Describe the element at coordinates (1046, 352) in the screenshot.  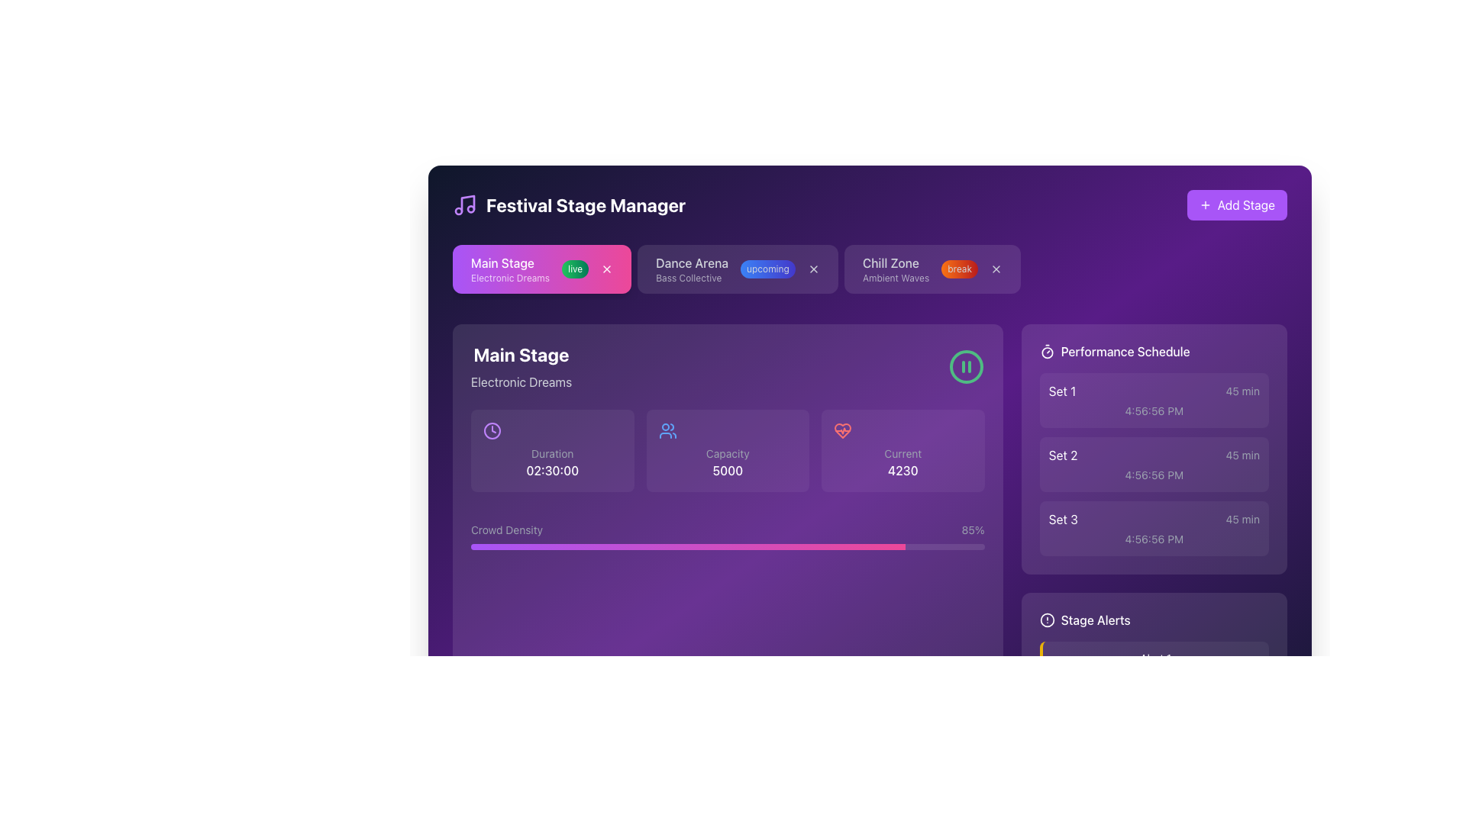
I see `the circle element of the timer icon located in the top-right corner of the 'Main Stage' section` at that location.